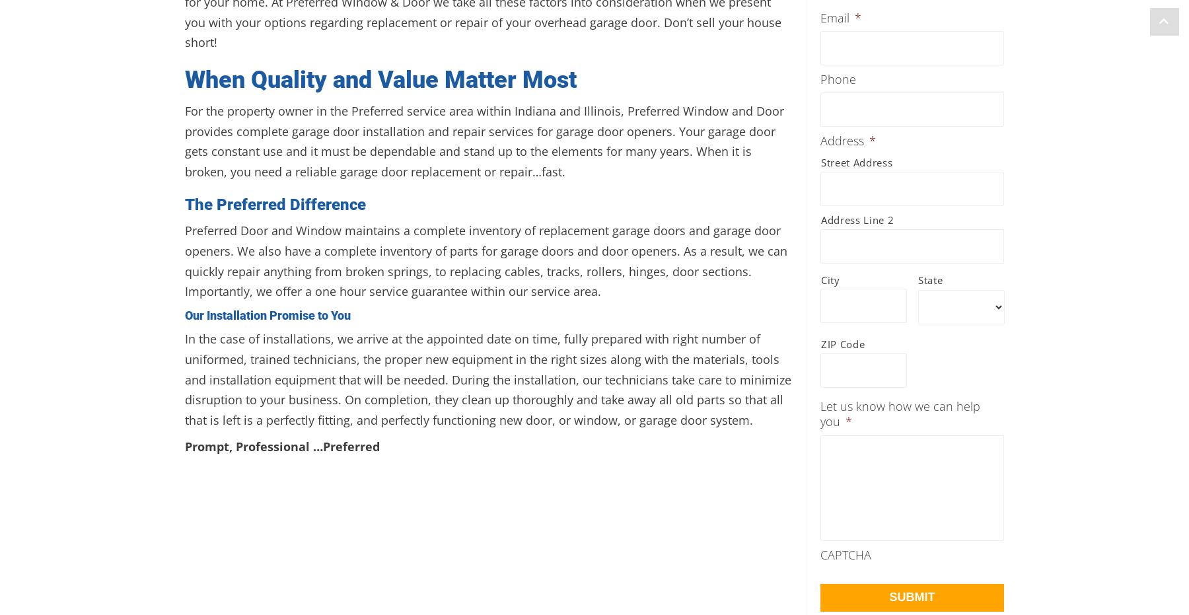  Describe the element at coordinates (830, 279) in the screenshot. I see `'City'` at that location.